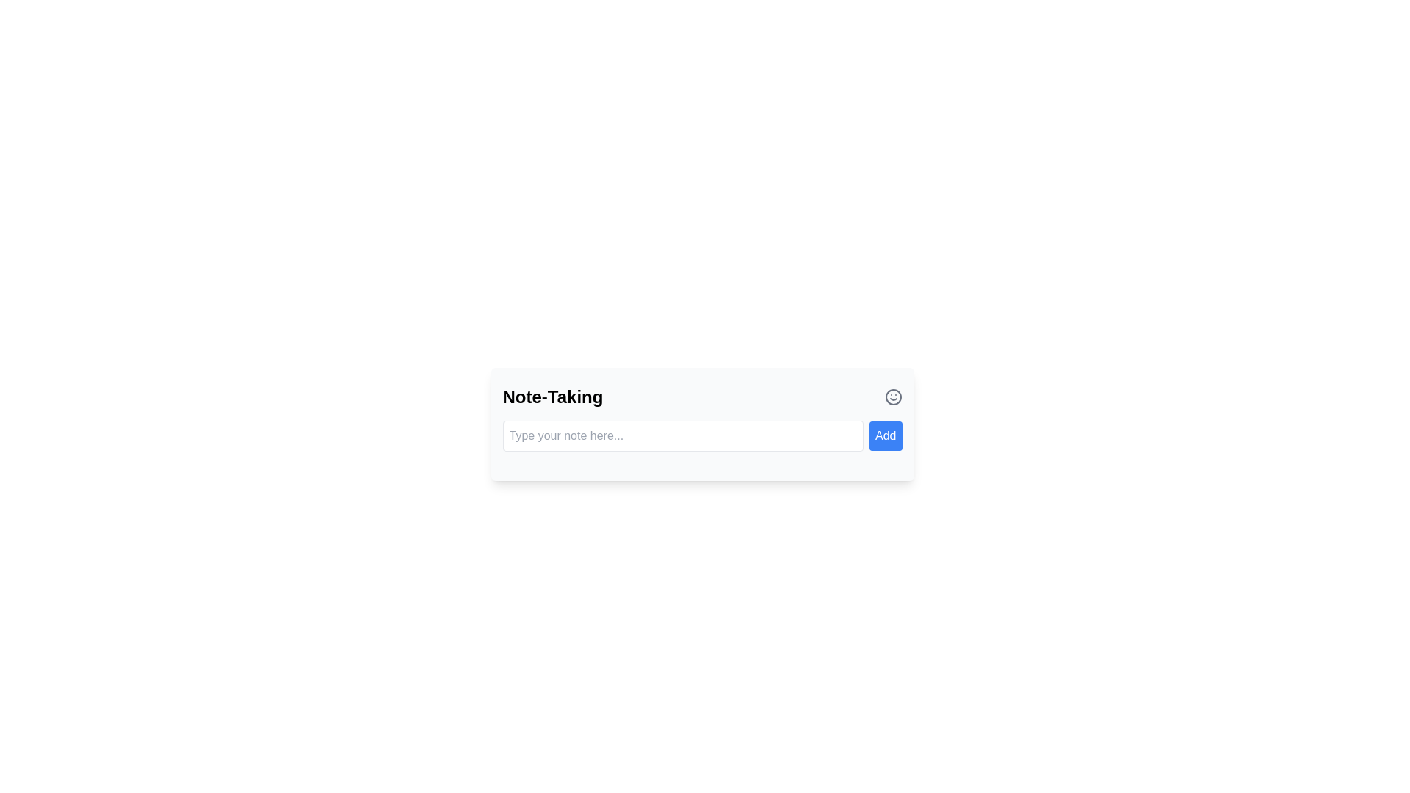 This screenshot has width=1410, height=793. What do you see at coordinates (892, 396) in the screenshot?
I see `the central SVG circle element located near the top-right of the note-taking interface` at bounding box center [892, 396].